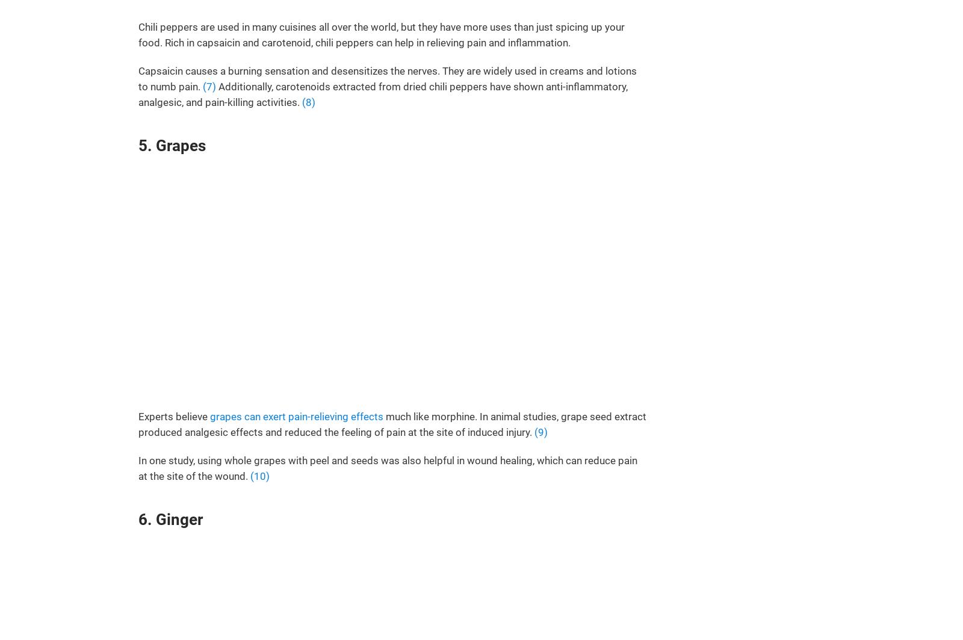 The image size is (963, 640). I want to click on '6. Ginger', so click(170, 518).